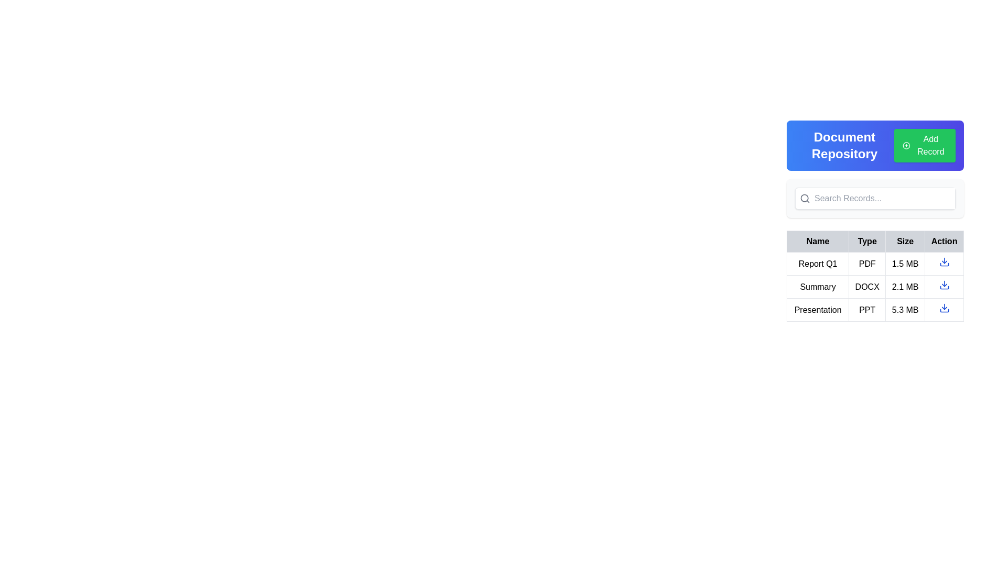 The width and height of the screenshot is (1007, 566). Describe the element at coordinates (875, 242) in the screenshot. I see `the 'Type' column header in the table, which is positioned between the 'Name' and 'Size' headers` at that location.